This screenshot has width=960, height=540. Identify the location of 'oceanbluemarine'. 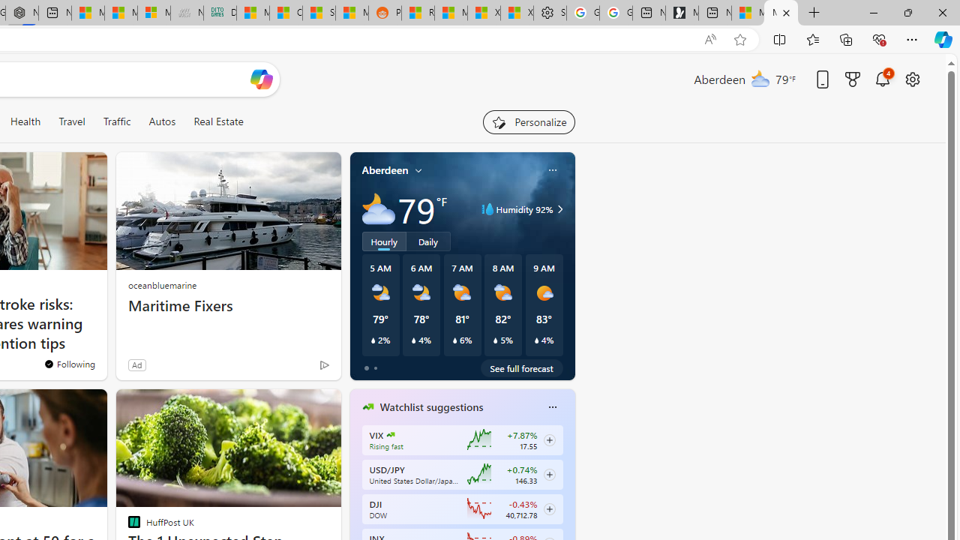
(162, 285).